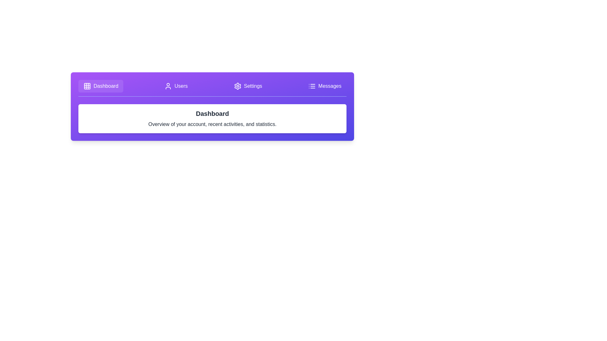  I want to click on the horizontal navigation bar that contains the buttons labeled 'Dashboard', 'Users', 'Settings', and 'Messages', which is styled with a gradient background transitioning from purple to indigo, so click(212, 88).